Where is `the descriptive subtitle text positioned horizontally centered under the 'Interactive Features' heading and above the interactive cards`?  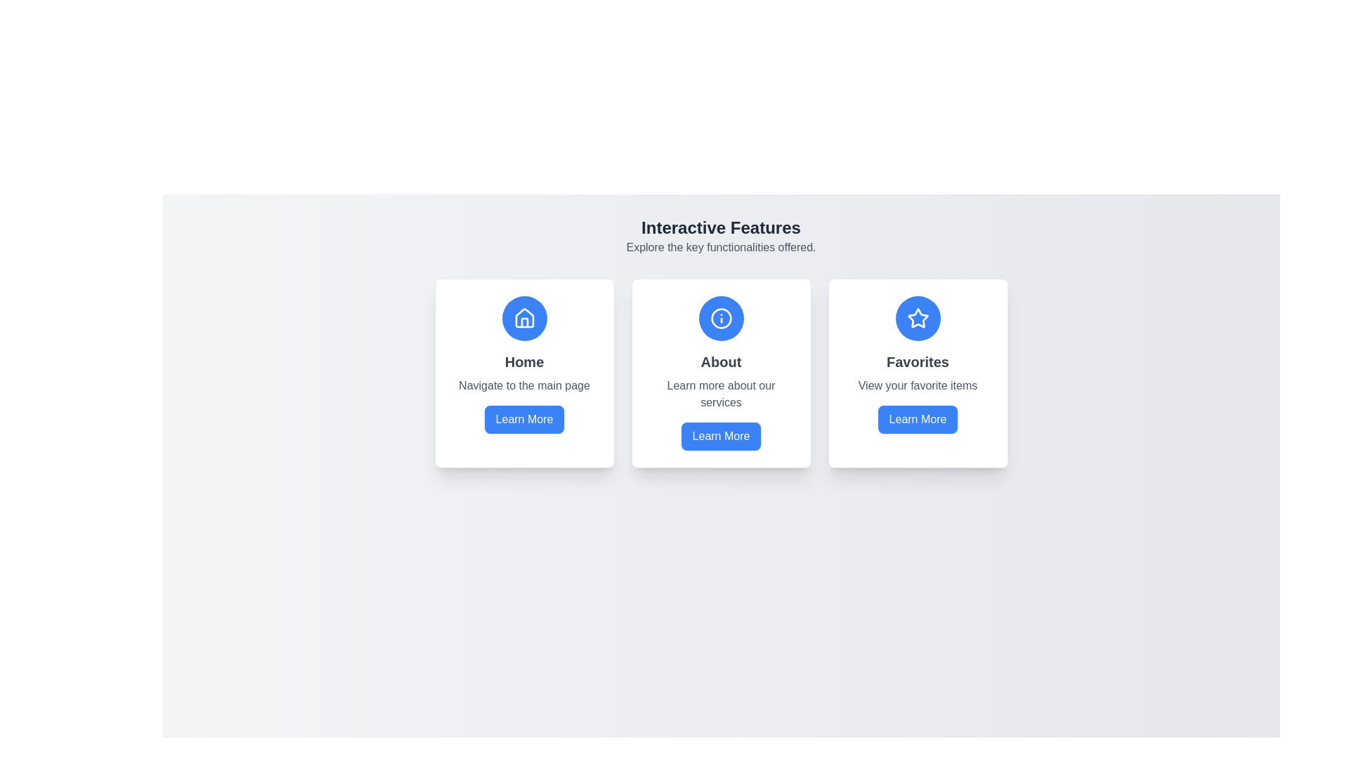 the descriptive subtitle text positioned horizontally centered under the 'Interactive Features' heading and above the interactive cards is located at coordinates (721, 247).